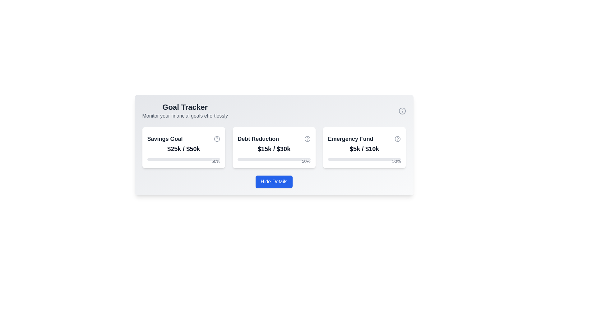  Describe the element at coordinates (165, 138) in the screenshot. I see `the bold text label displaying 'Savings Goal' which is located in the top-left corner of the first card in a goal tracker interface` at that location.